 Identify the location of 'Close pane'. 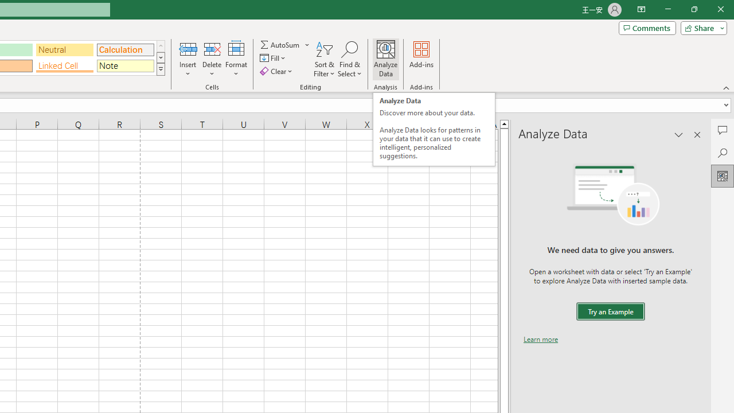
(697, 134).